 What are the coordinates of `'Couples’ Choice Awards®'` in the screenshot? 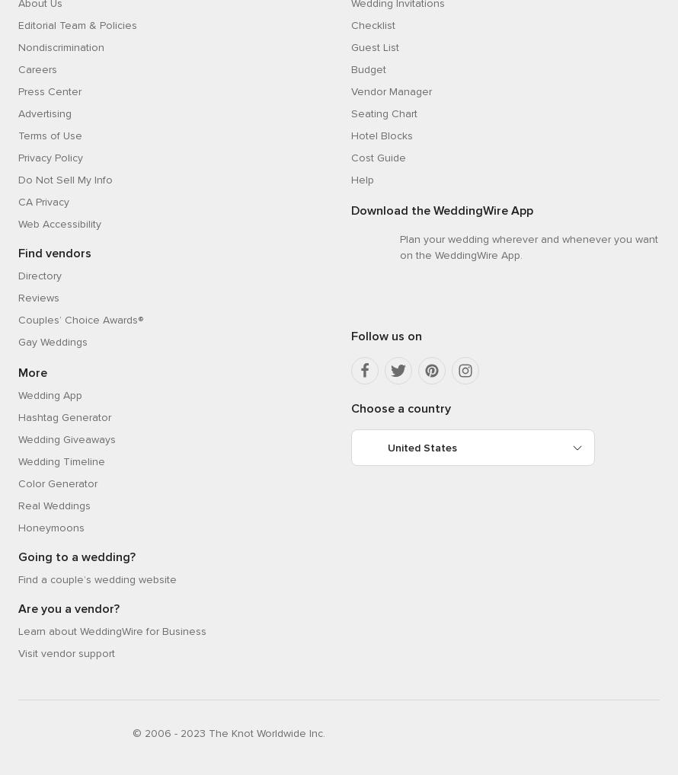 It's located at (79, 318).